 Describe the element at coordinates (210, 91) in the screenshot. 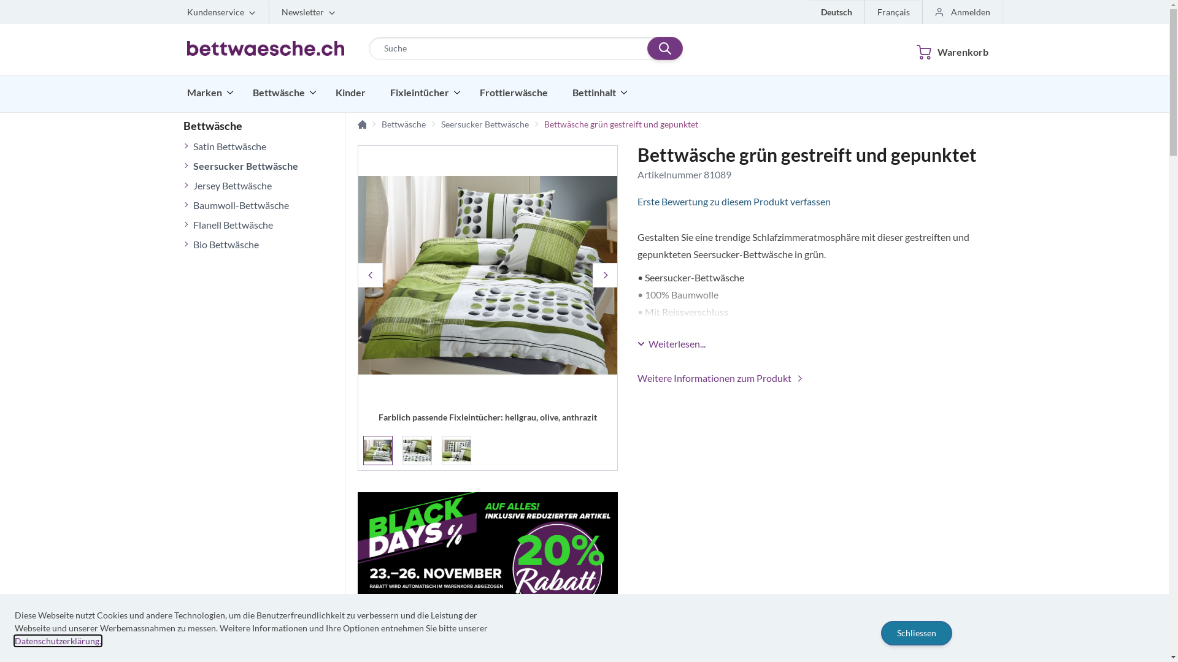

I see `'Marken'` at that location.